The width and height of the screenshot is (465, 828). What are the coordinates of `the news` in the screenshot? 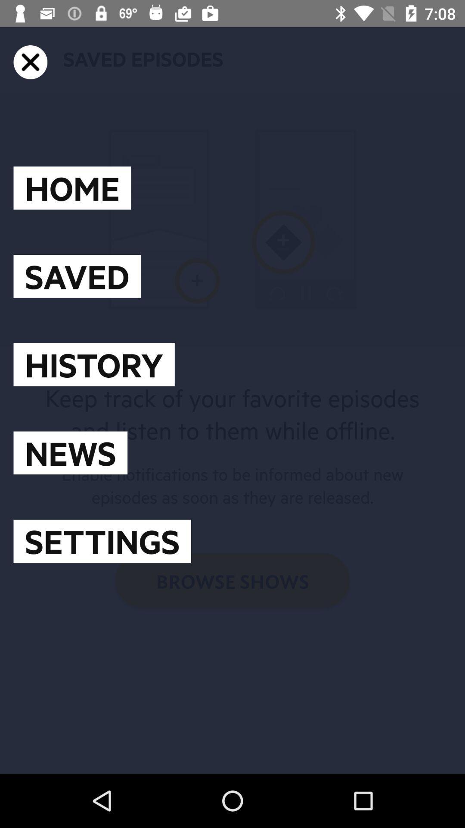 It's located at (70, 452).